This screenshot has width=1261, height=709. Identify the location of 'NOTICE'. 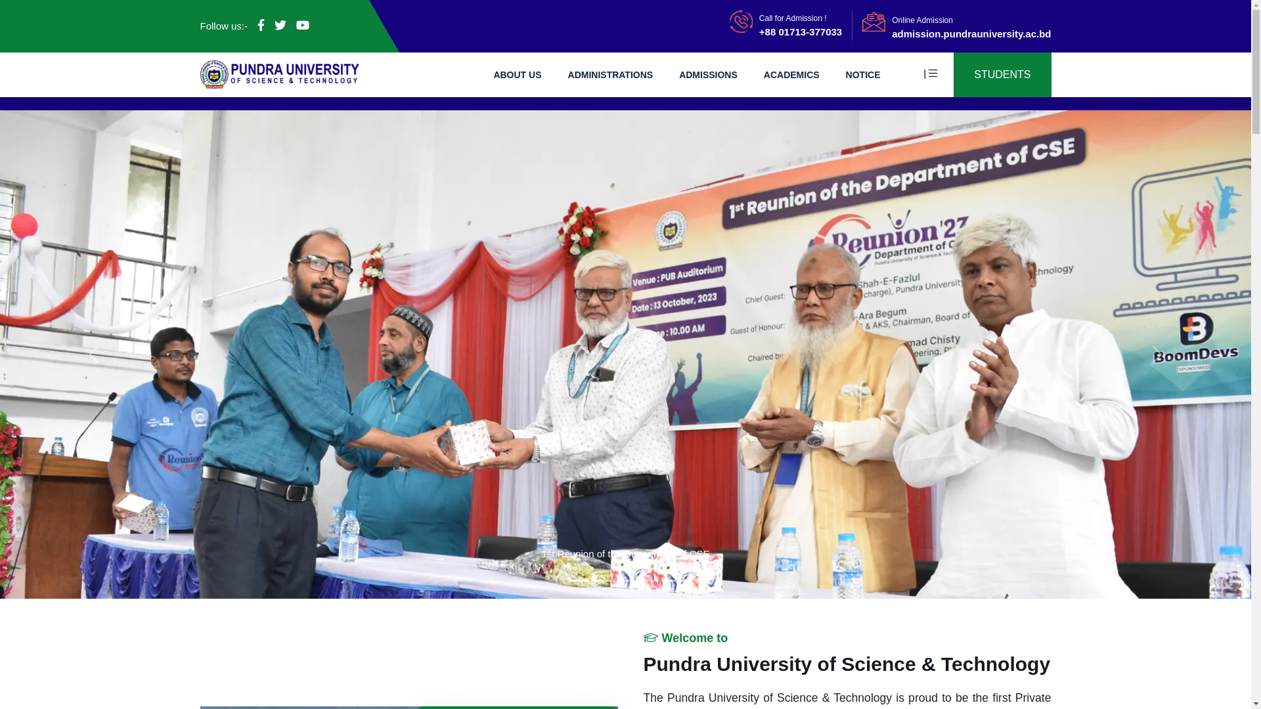
(863, 74).